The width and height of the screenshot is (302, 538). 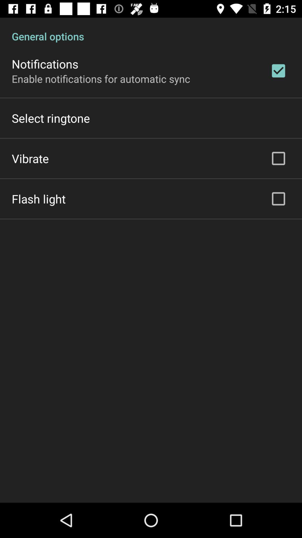 I want to click on the item below the enable notifications for icon, so click(x=51, y=118).